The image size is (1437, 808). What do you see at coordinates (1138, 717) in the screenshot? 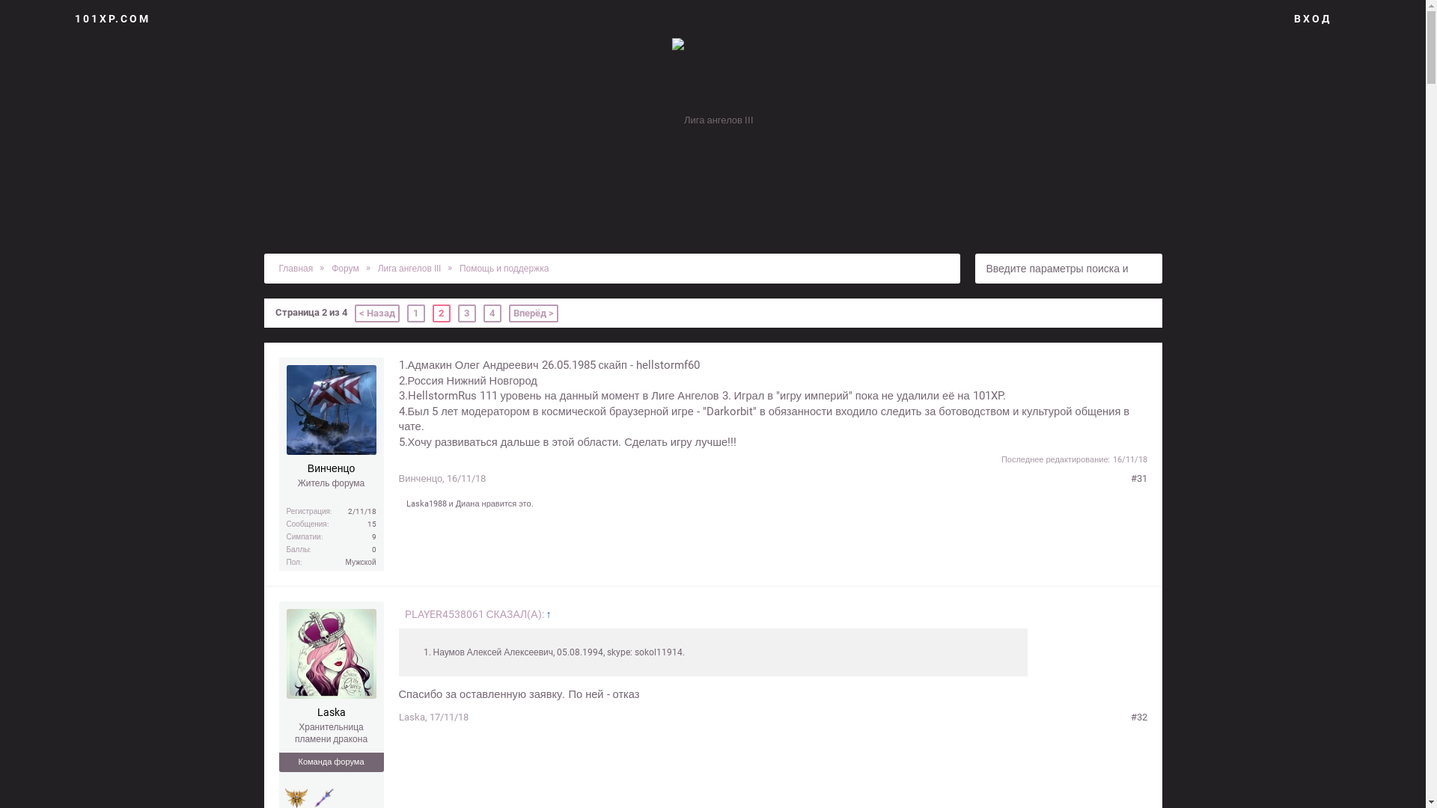
I see `'#32'` at bounding box center [1138, 717].